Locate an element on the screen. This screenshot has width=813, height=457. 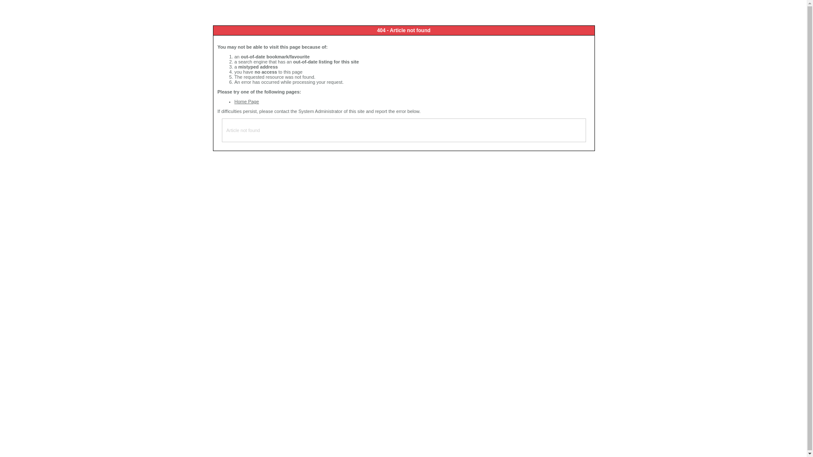
'Home Page' is located at coordinates (246, 101).